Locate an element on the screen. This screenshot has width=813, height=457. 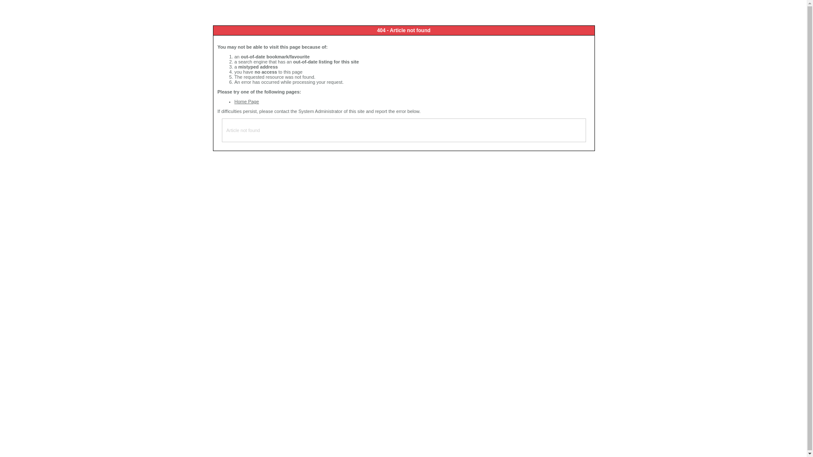
'Home Page' is located at coordinates (246, 101).